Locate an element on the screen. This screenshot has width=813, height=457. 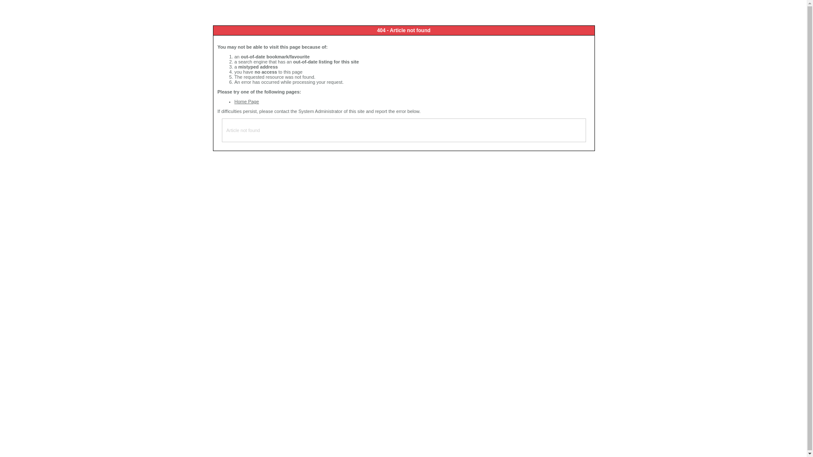
'Home Page' is located at coordinates (246, 101).